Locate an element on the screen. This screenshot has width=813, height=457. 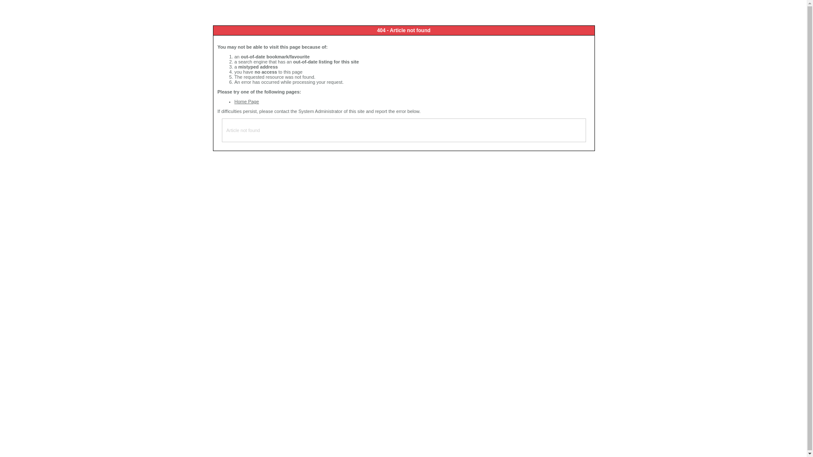
'Home Page' is located at coordinates (246, 101).